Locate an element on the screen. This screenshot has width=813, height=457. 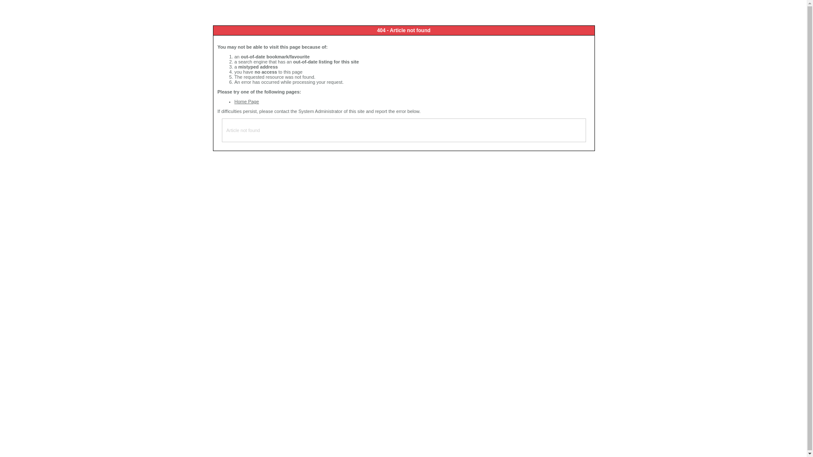
'Home Page' is located at coordinates (246, 101).